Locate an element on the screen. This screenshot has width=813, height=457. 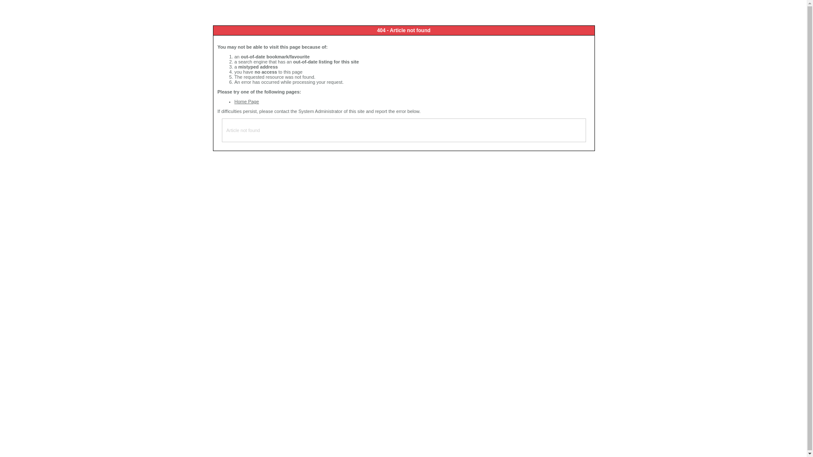
'Home Page' is located at coordinates (246, 101).